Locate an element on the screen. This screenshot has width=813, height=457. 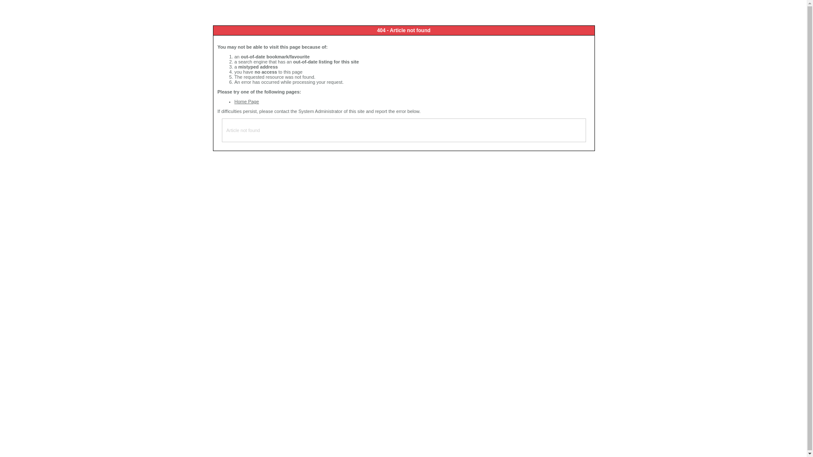
'Home Page' is located at coordinates (246, 101).